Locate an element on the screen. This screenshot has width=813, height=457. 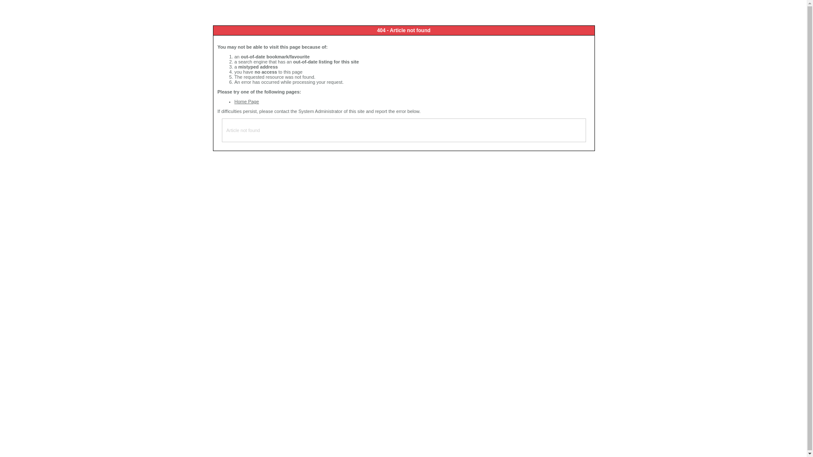
'Home Page' is located at coordinates (246, 101).